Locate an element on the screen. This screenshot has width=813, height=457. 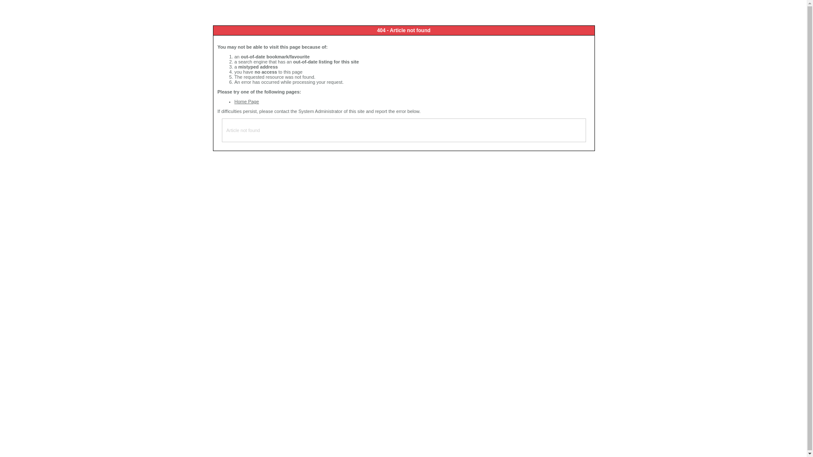
'Home Page' is located at coordinates (246, 101).